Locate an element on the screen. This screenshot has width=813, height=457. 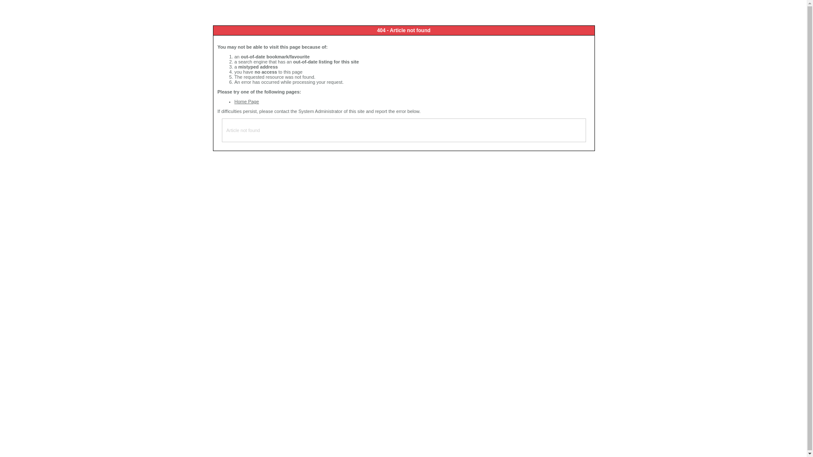
'Home Page' is located at coordinates (246, 101).